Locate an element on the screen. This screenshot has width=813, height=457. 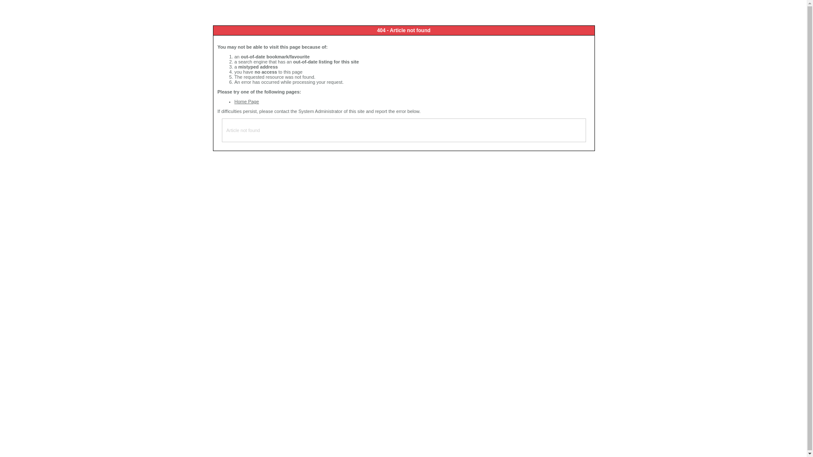
'Home Page' is located at coordinates (246, 101).